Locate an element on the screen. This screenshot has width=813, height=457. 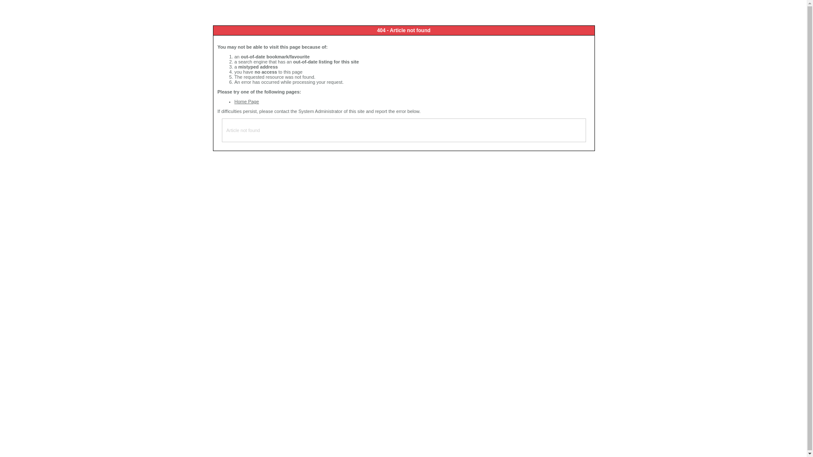
'Home Page' is located at coordinates (246, 101).